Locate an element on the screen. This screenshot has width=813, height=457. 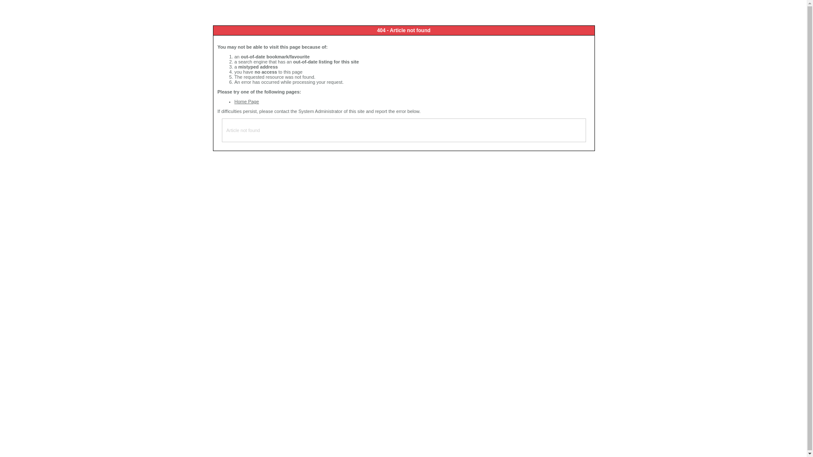
'Home Page' is located at coordinates (246, 101).